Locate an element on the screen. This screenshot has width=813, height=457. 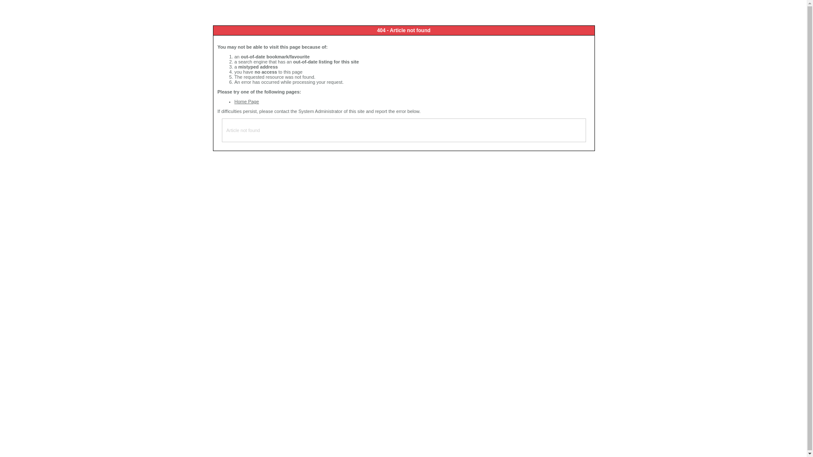
'Home Page' is located at coordinates (246, 101).